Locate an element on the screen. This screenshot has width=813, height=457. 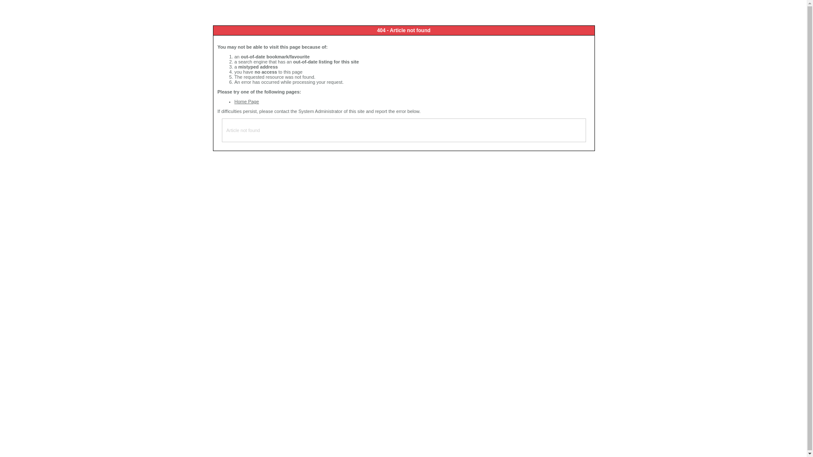
'Home Page' is located at coordinates (246, 101).